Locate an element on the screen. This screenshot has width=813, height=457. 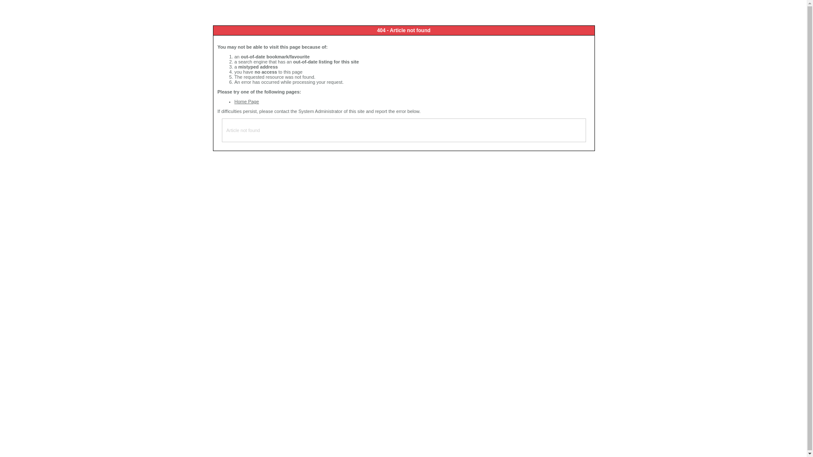
'Home Page' is located at coordinates (246, 101).